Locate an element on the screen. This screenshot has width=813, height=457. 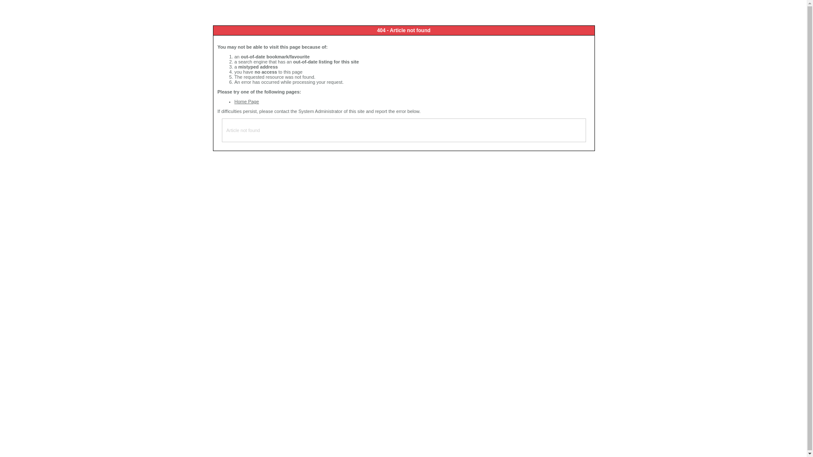
'Home Page' is located at coordinates (246, 101).